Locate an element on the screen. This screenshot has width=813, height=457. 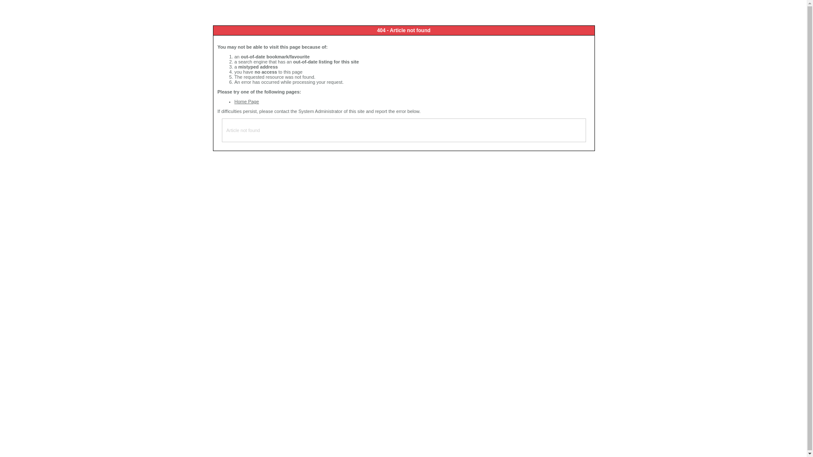
'Home Page' is located at coordinates (246, 101).